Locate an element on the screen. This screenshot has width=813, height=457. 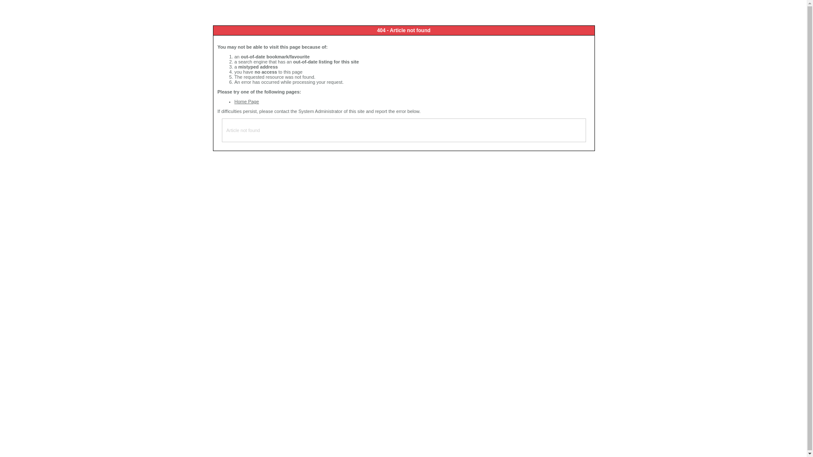
'Home Page' is located at coordinates (246, 101).